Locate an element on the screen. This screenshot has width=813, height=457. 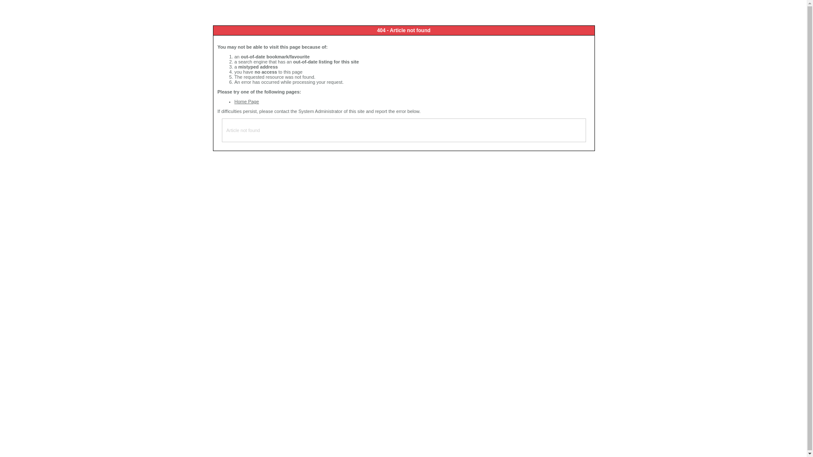
'Home Page' is located at coordinates (246, 101).